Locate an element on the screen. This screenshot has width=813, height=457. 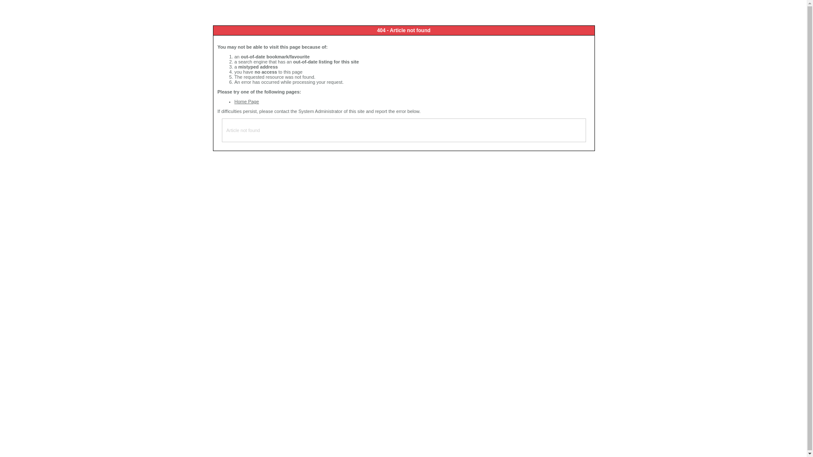
'Home Page' is located at coordinates (246, 101).